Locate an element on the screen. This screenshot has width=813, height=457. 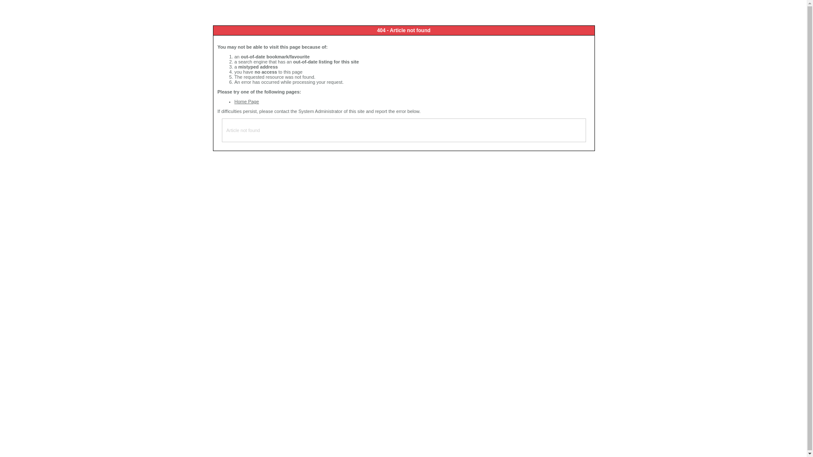
'Home Page' is located at coordinates (246, 101).